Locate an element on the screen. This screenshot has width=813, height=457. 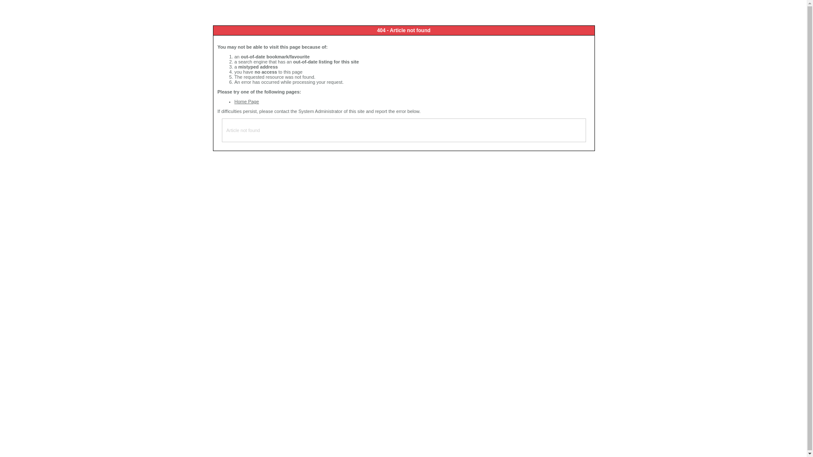
'Home Page' is located at coordinates (246, 101).